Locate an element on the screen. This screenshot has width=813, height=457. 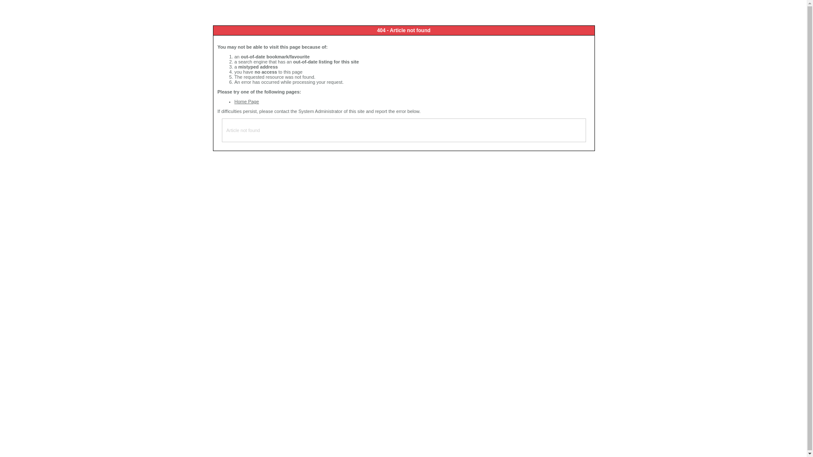
'Home Page' is located at coordinates (246, 101).